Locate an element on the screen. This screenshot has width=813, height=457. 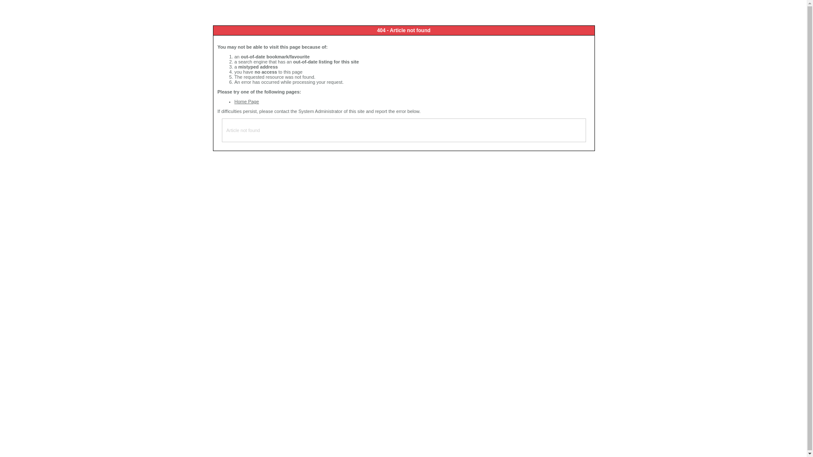
'Home Page' is located at coordinates (246, 101).